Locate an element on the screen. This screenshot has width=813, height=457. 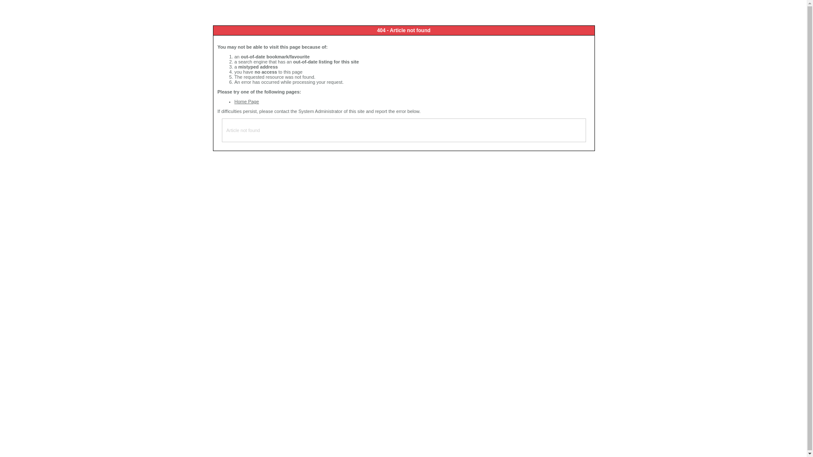
'Home Page' is located at coordinates (246, 101).